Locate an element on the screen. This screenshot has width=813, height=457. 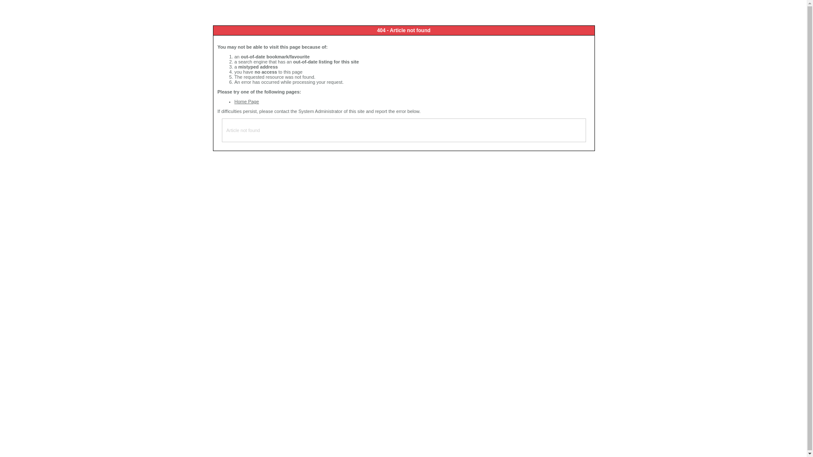
'Home Page' is located at coordinates (246, 101).